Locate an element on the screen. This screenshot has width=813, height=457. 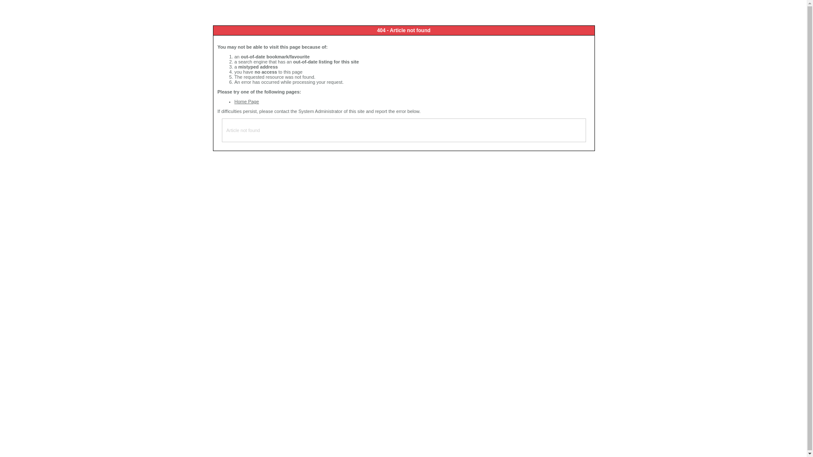
'Home Page' is located at coordinates (246, 101).